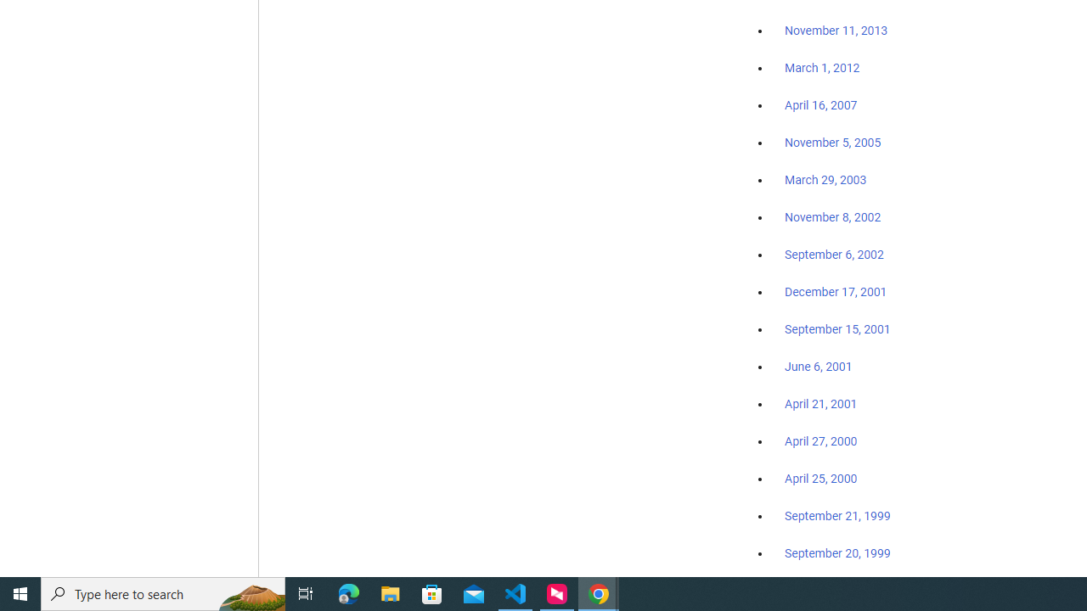 This screenshot has height=611, width=1087. I want to click on 'December 17, 2001', so click(836, 290).